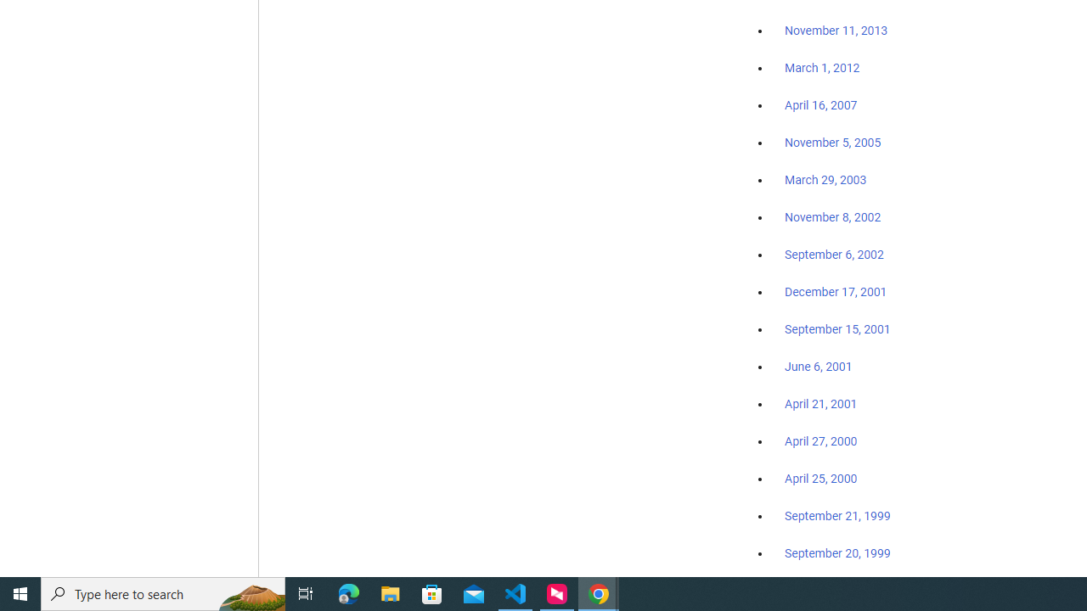 This screenshot has height=611, width=1087. I want to click on 'December 17, 2001', so click(836, 290).